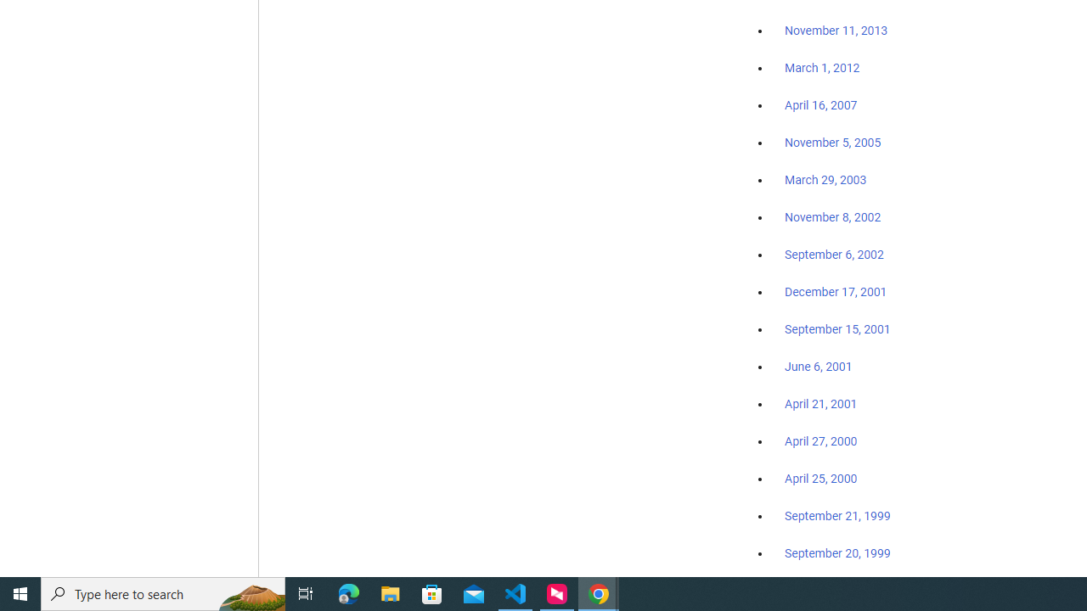 This screenshot has height=611, width=1087. I want to click on 'December 17, 2001', so click(836, 290).